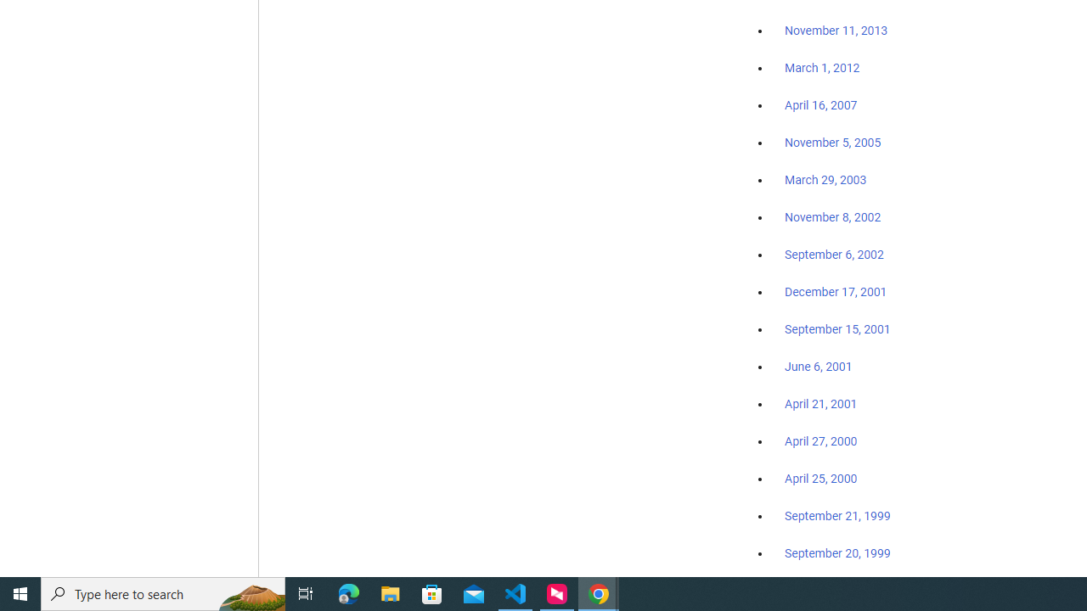 This screenshot has height=611, width=1087. I want to click on 'December 17, 2001', so click(836, 290).